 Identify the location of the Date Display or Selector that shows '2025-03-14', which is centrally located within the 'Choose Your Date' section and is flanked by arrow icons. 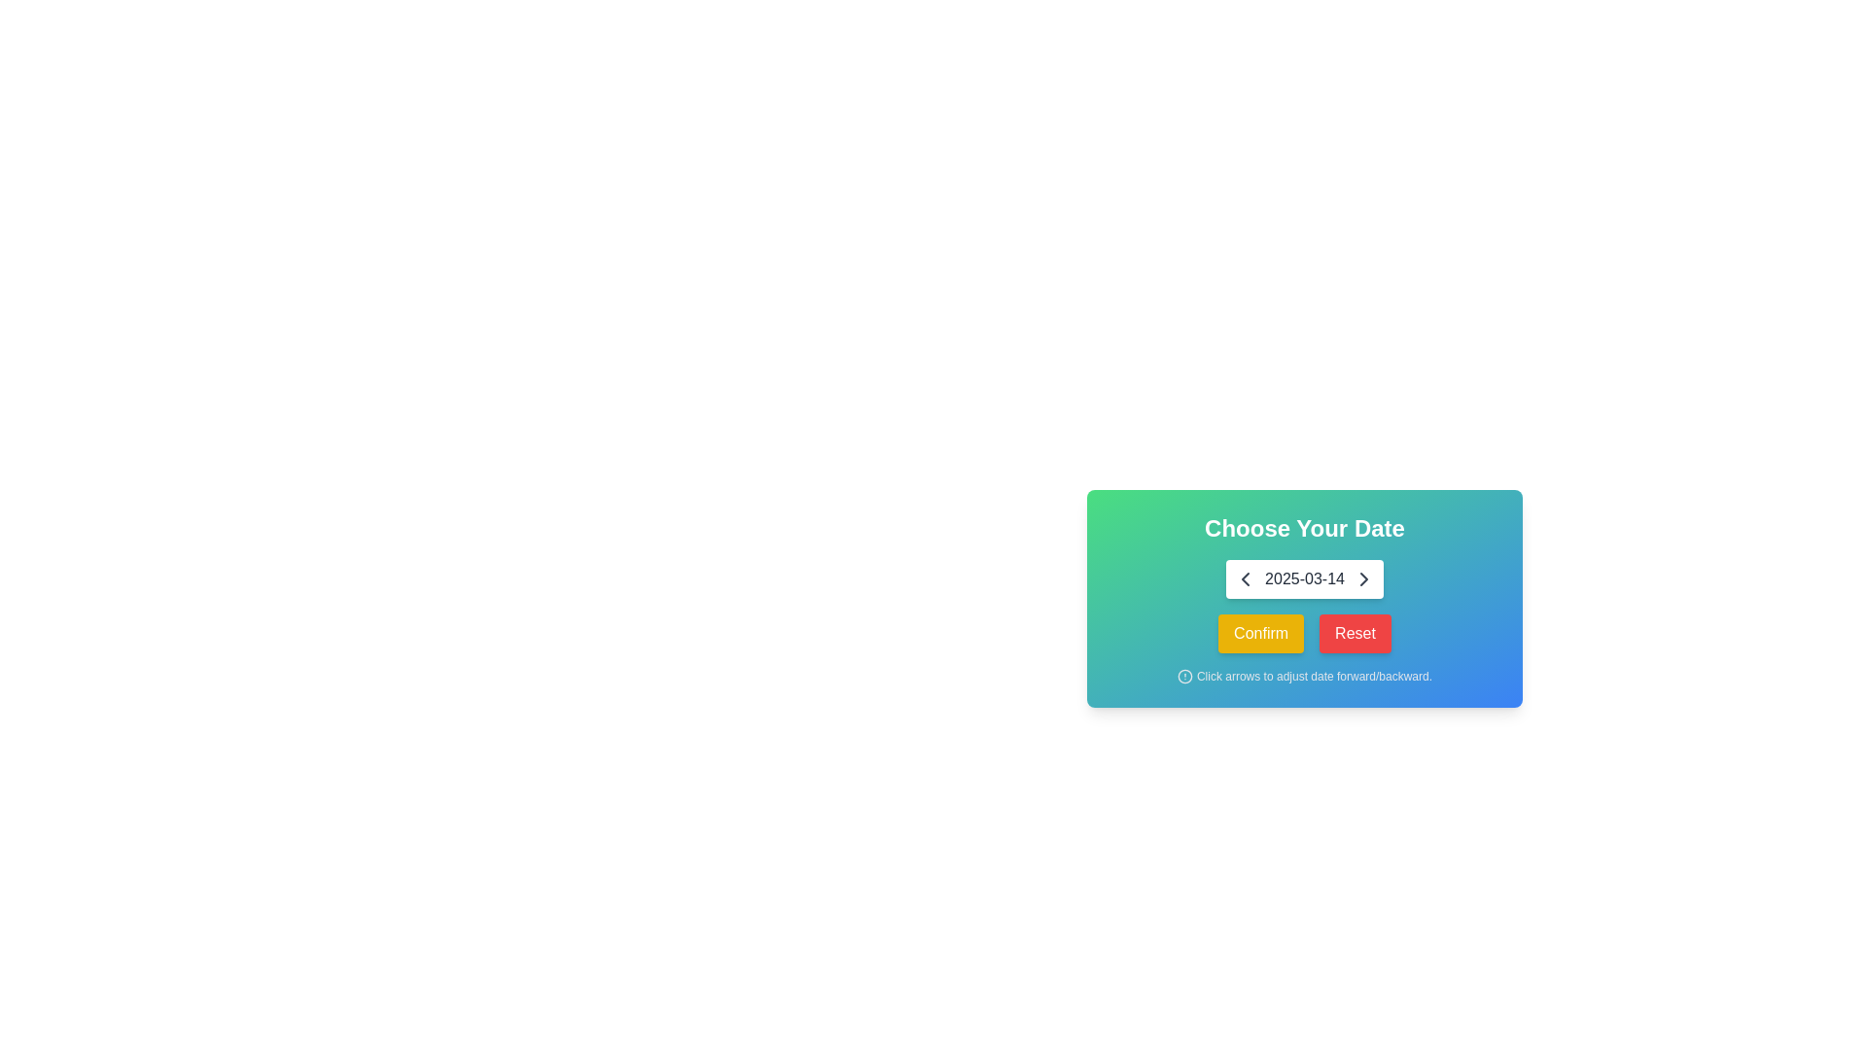
(1305, 578).